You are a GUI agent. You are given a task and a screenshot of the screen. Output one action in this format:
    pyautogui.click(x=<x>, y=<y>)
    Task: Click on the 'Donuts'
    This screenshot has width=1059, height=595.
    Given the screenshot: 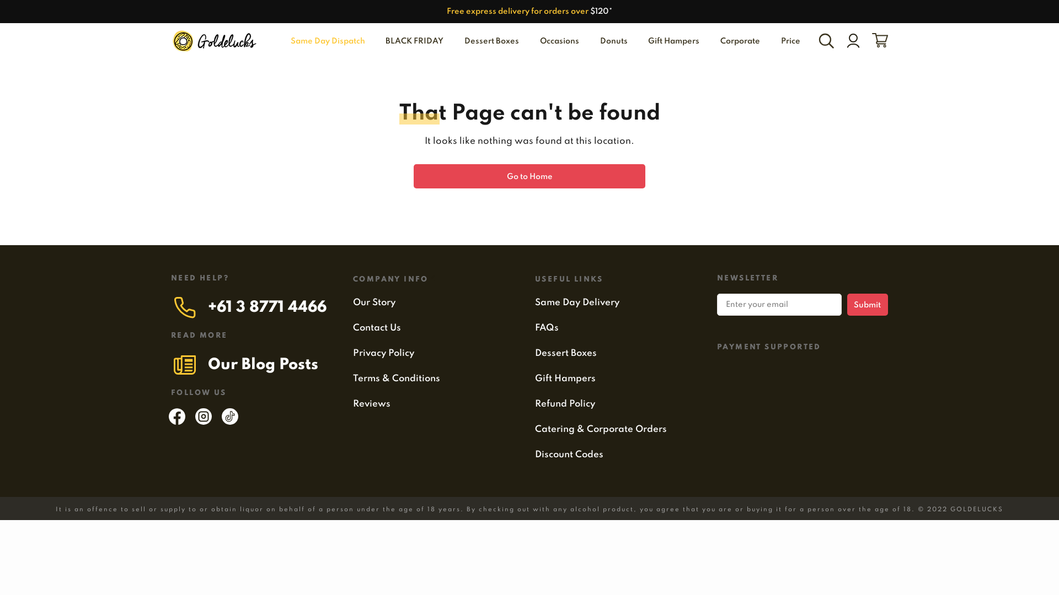 What is the action you would take?
    pyautogui.click(x=613, y=41)
    